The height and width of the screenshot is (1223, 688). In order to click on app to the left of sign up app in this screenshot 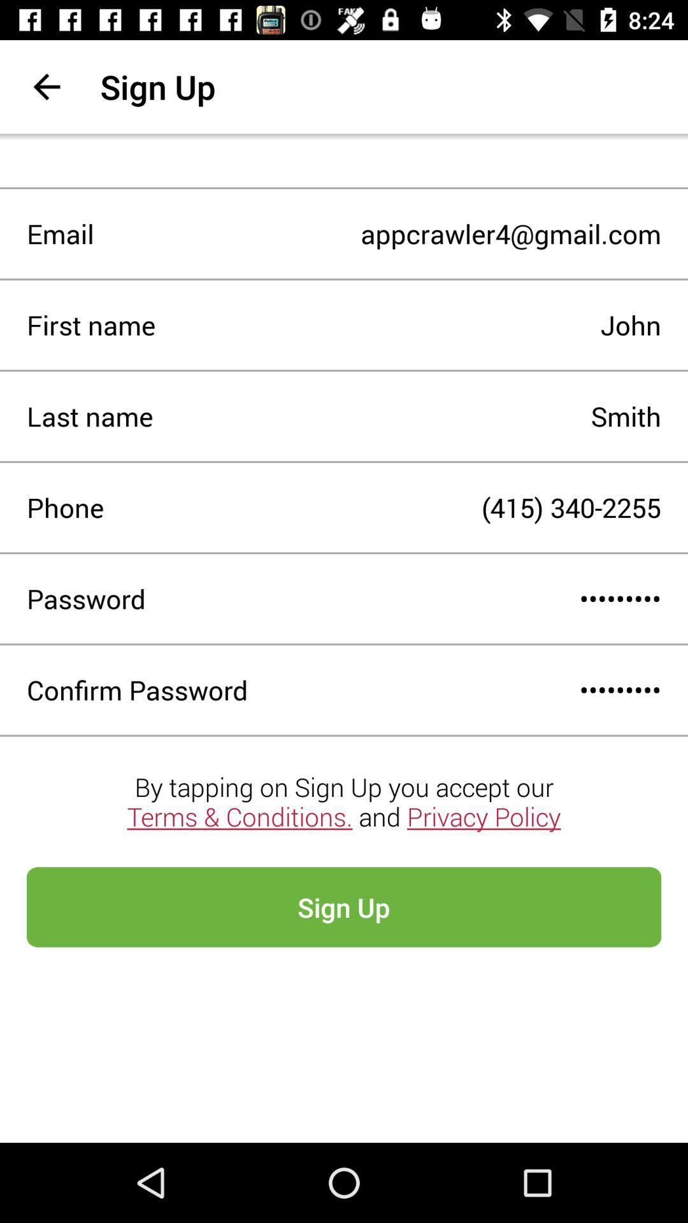, I will do `click(46, 86)`.